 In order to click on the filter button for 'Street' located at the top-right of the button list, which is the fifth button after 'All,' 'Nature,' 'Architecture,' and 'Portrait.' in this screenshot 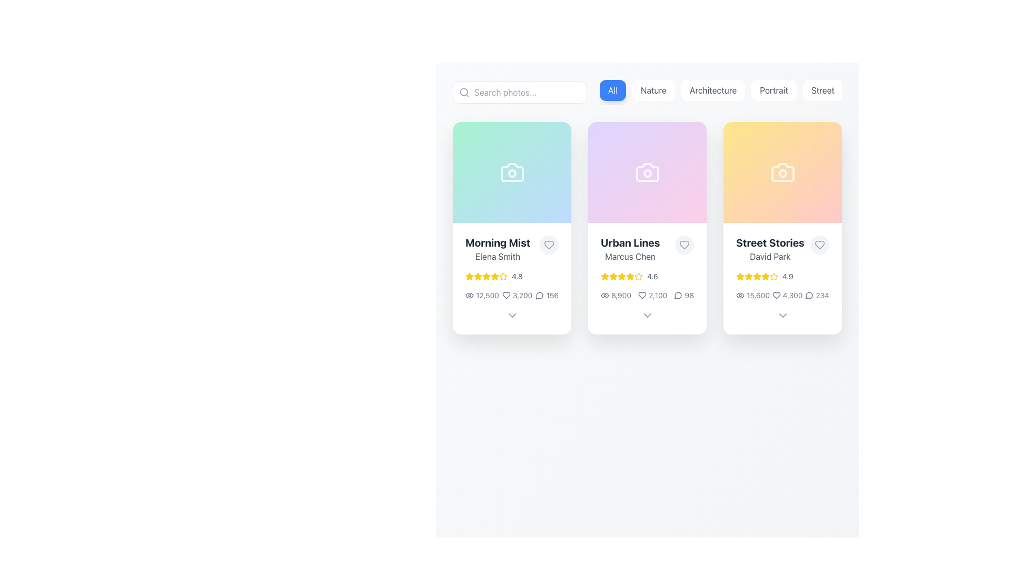, I will do `click(822, 90)`.